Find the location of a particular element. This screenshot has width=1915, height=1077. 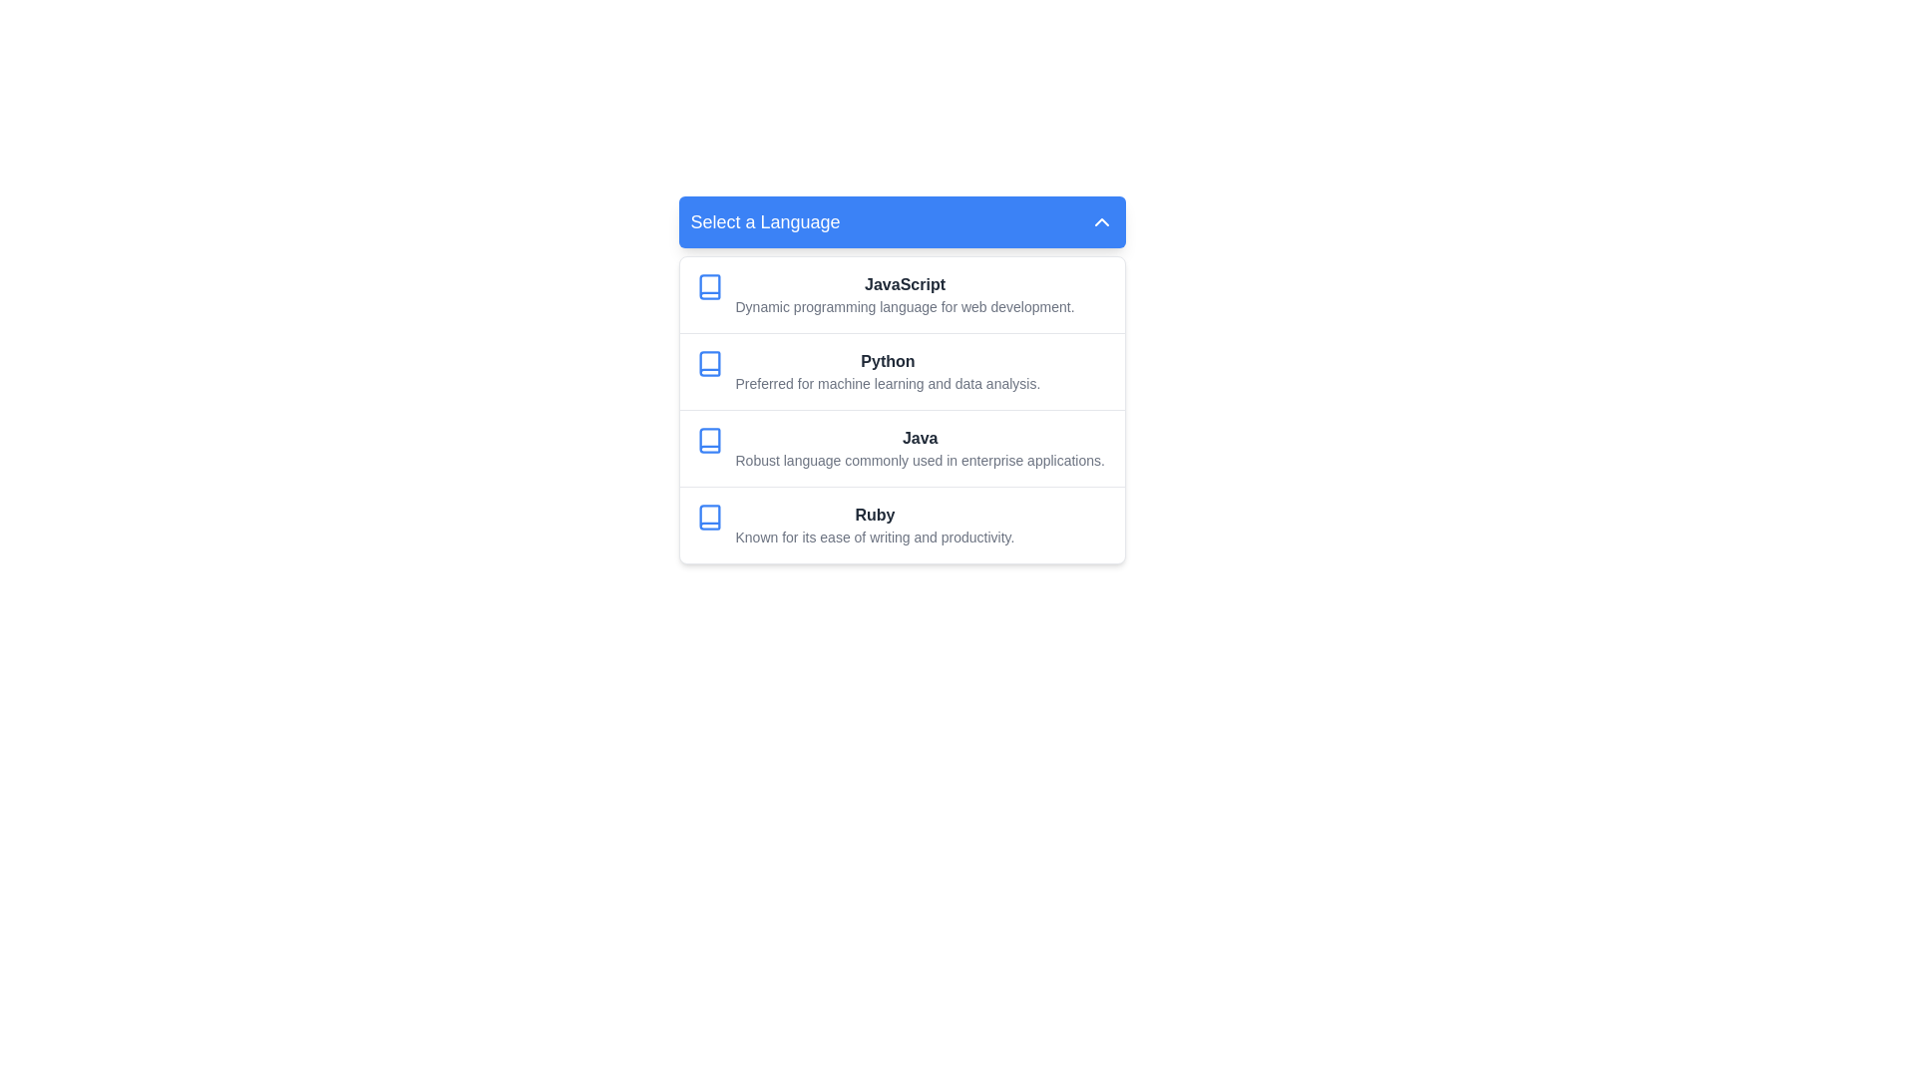

the book icon with a blue outline located in the fourth row under the 'Ruby' title is located at coordinates (709, 517).